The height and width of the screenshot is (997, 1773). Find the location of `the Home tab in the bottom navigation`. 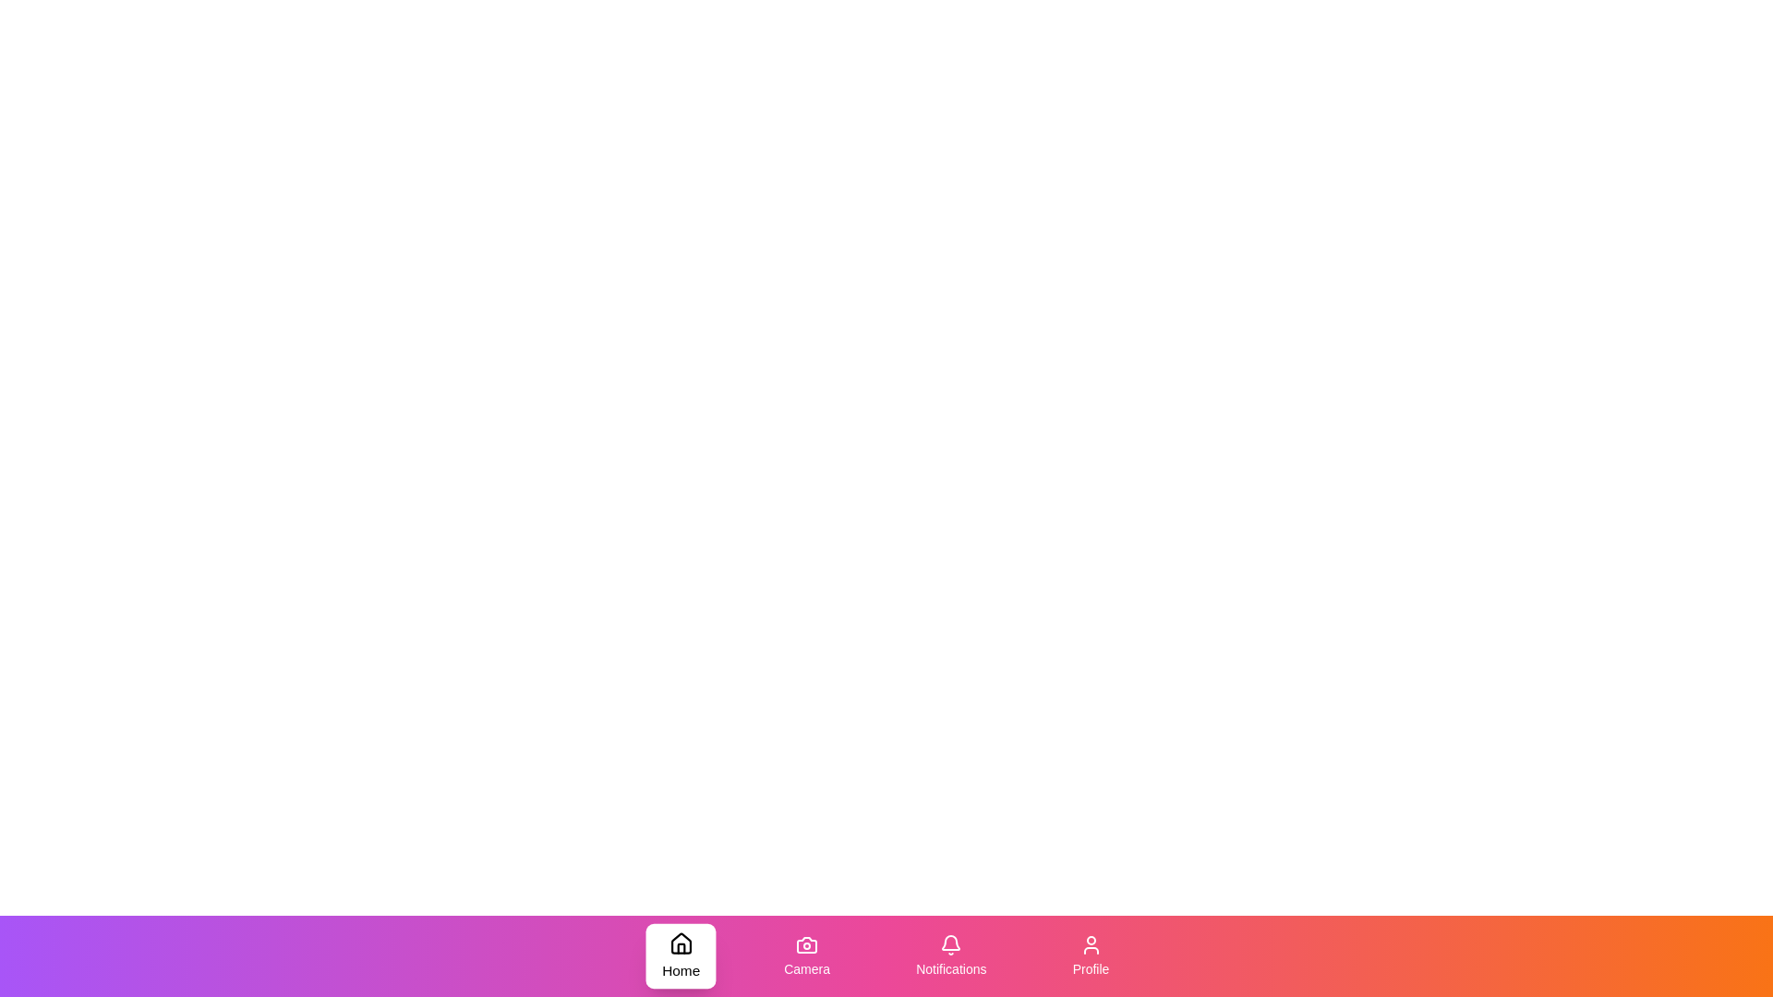

the Home tab in the bottom navigation is located at coordinates (680, 955).